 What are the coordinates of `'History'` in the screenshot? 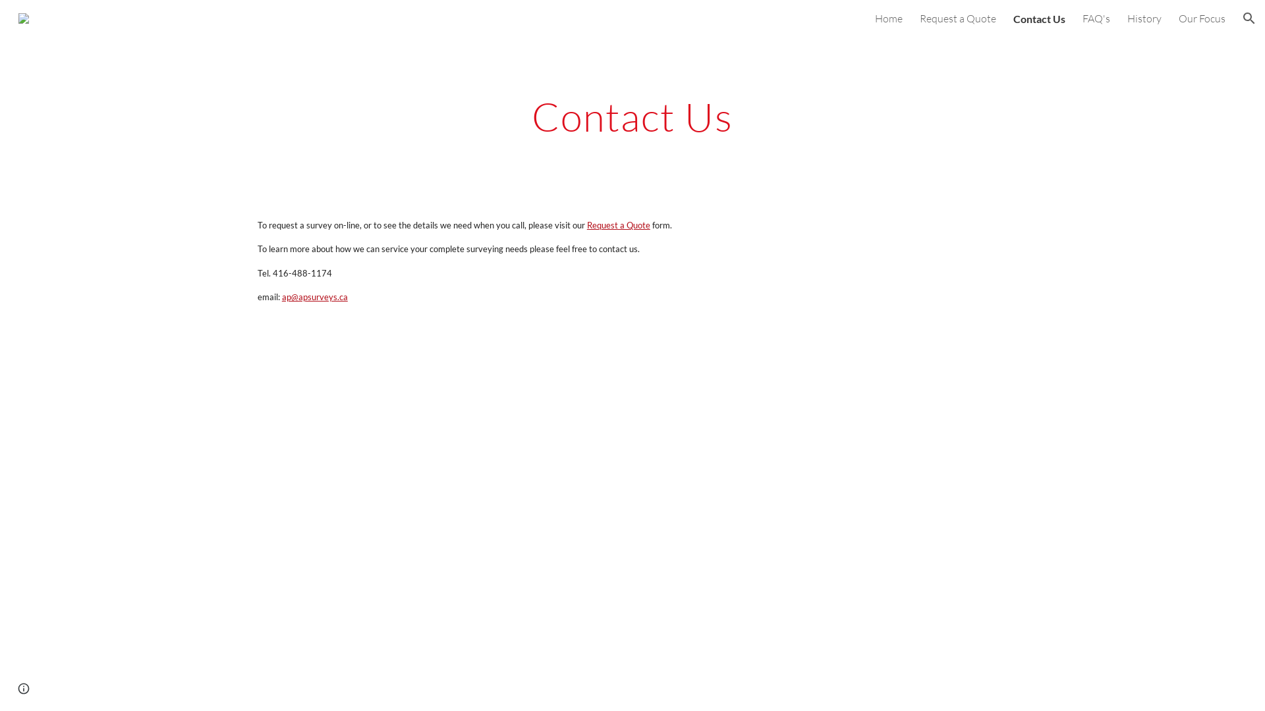 It's located at (1144, 18).